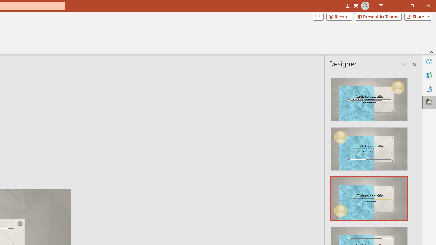  I want to click on 'Collapse the Ribbon', so click(431, 52).